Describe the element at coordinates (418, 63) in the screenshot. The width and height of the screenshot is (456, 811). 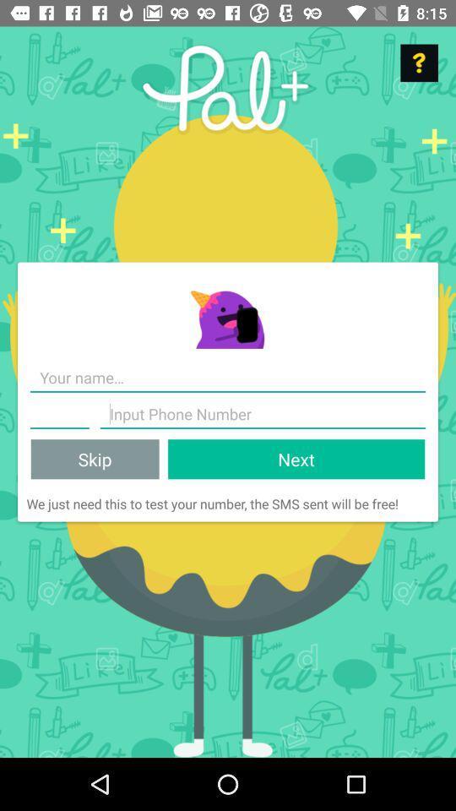
I see `help options` at that location.